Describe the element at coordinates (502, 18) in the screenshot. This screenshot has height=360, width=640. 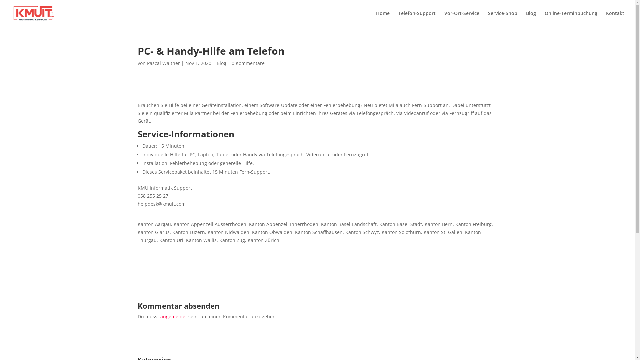
I see `'Service-Shop'` at that location.